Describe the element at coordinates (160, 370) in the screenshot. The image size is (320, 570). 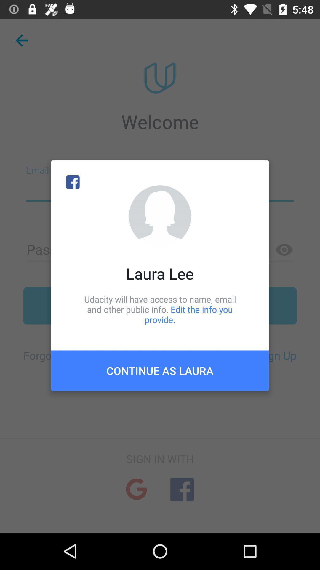
I see `icon below udacity will have item` at that location.